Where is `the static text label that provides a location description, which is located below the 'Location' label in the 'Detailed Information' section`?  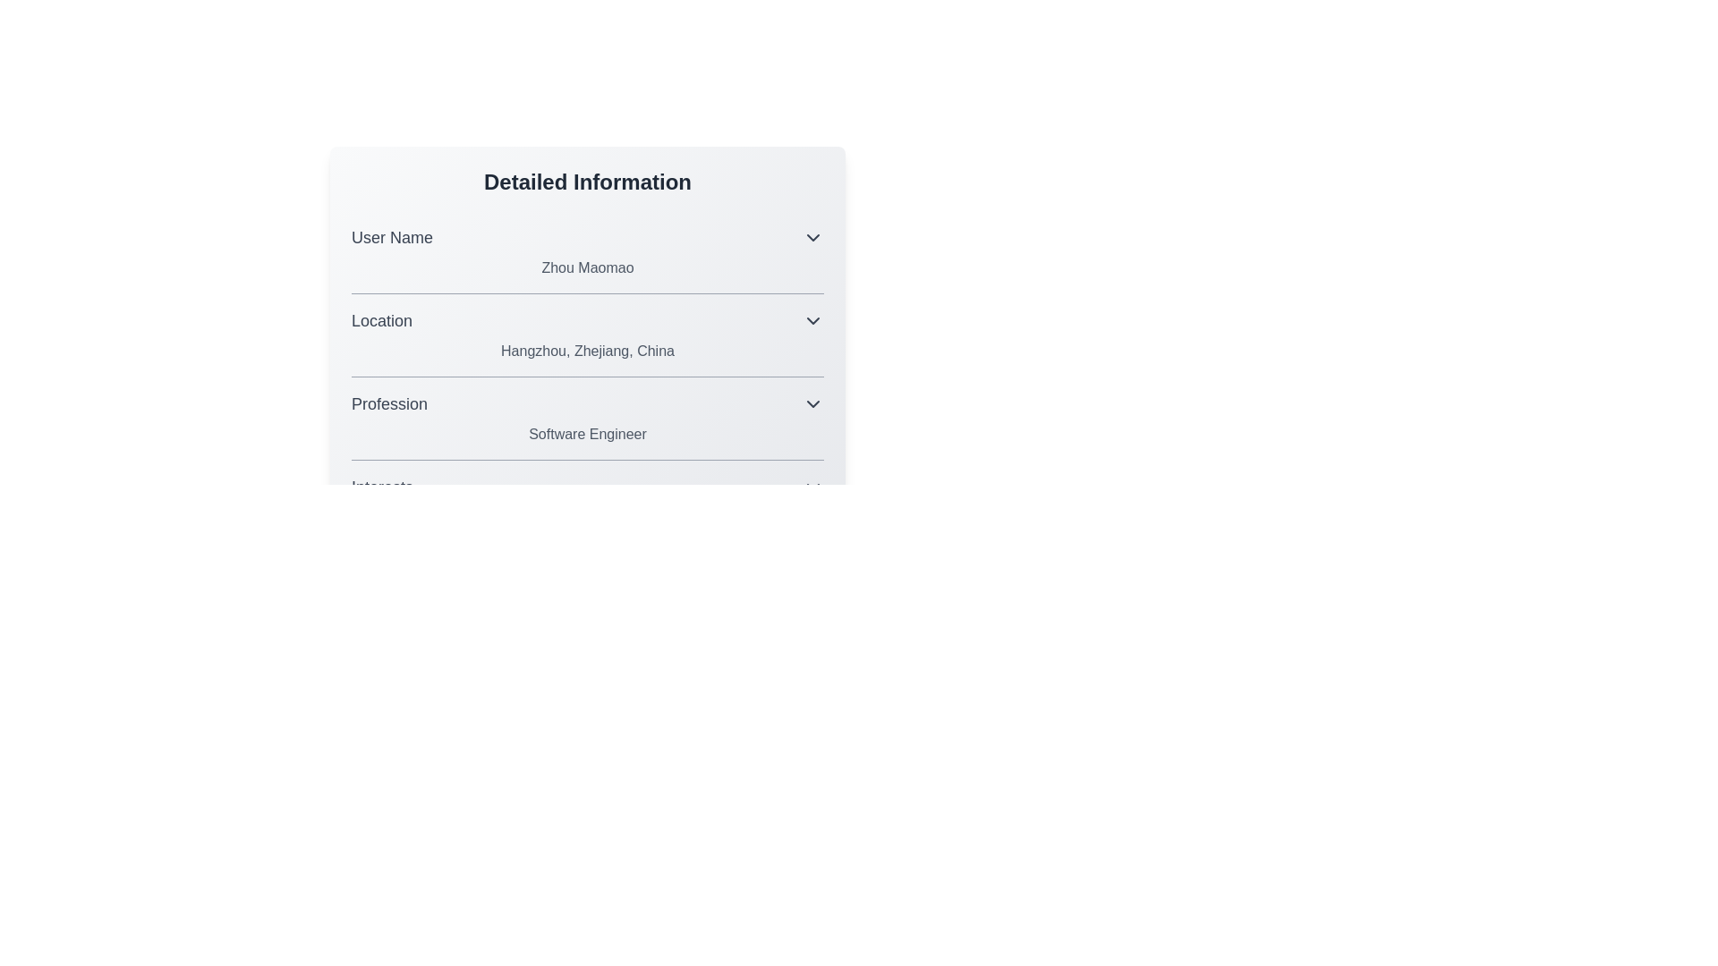
the static text label that provides a location description, which is located below the 'Location' label in the 'Detailed Information' section is located at coordinates (588, 352).